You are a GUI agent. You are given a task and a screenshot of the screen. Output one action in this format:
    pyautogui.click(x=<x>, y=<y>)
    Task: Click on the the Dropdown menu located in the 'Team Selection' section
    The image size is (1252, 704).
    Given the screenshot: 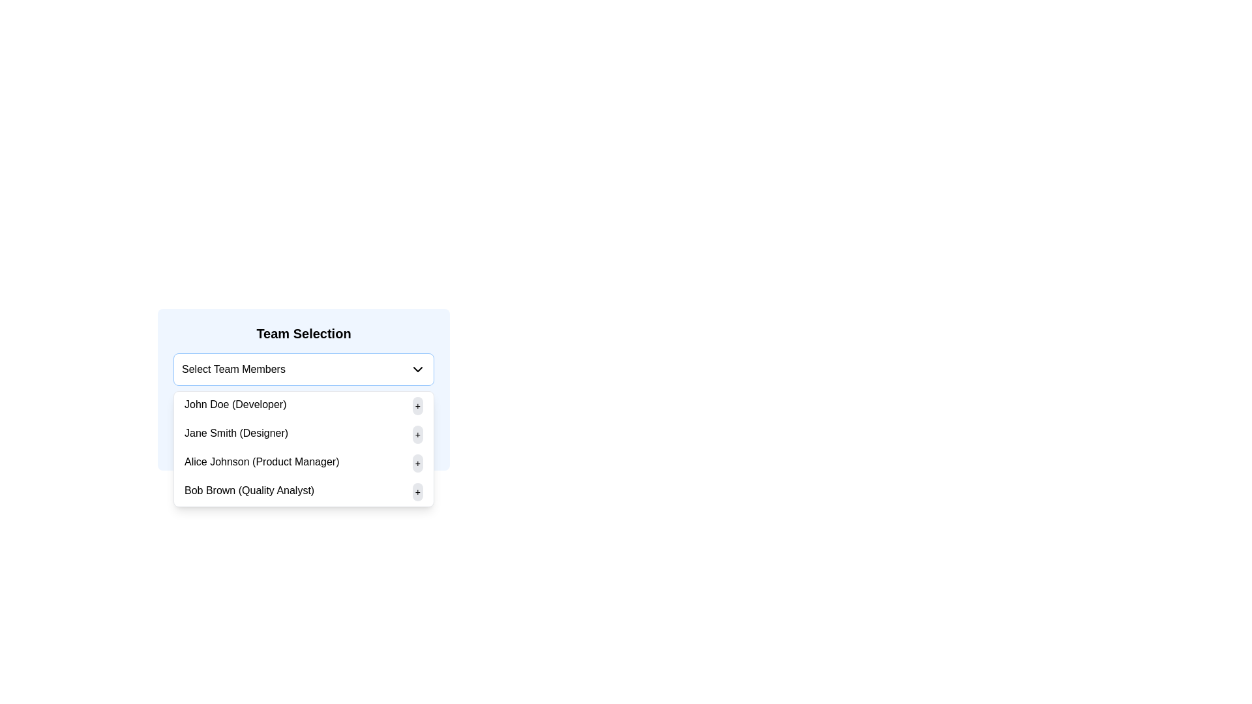 What is the action you would take?
    pyautogui.click(x=303, y=370)
    